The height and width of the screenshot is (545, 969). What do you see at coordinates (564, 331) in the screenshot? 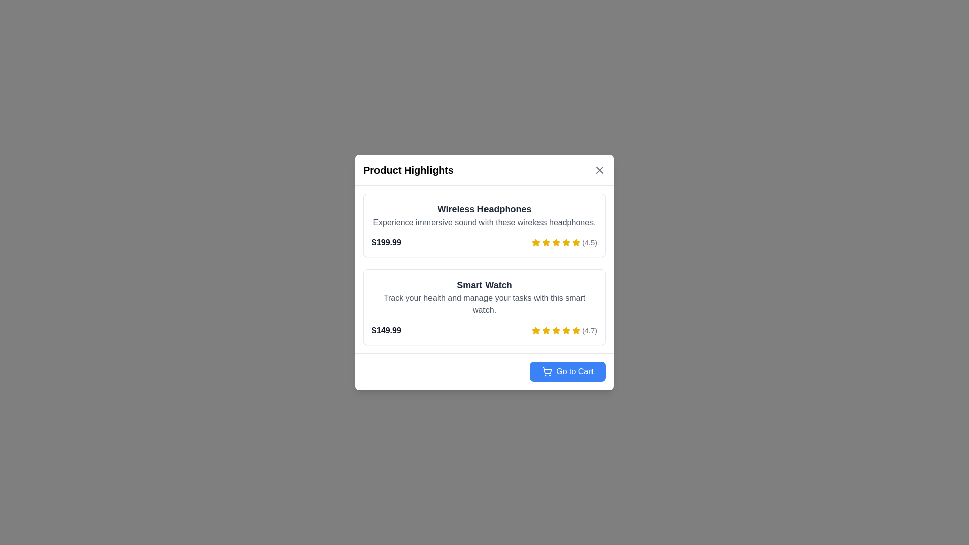
I see `the yellow star icons in the Rating indicator for interaction, which displays a rating of '(4.7)' next to the price '$149.99' in the Smart Watch product card` at bounding box center [564, 331].